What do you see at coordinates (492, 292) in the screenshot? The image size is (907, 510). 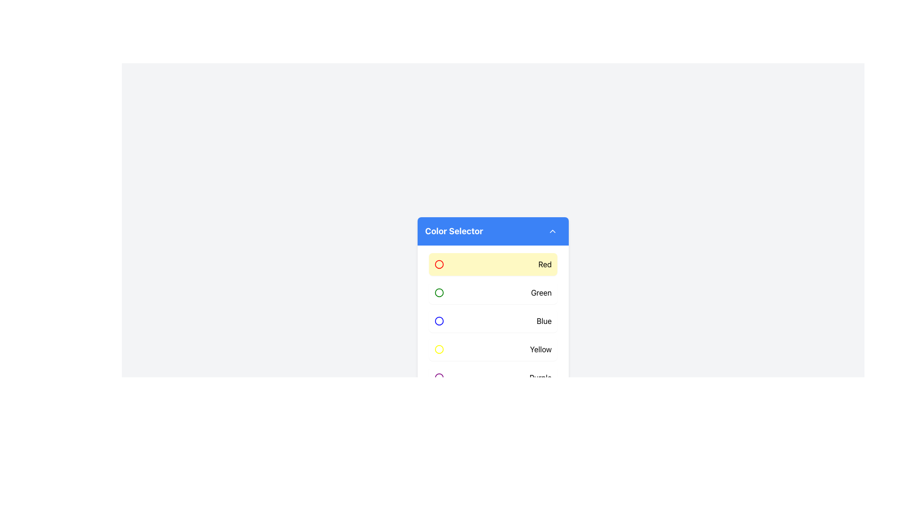 I see `the 'Green' option in the color selection list` at bounding box center [492, 292].